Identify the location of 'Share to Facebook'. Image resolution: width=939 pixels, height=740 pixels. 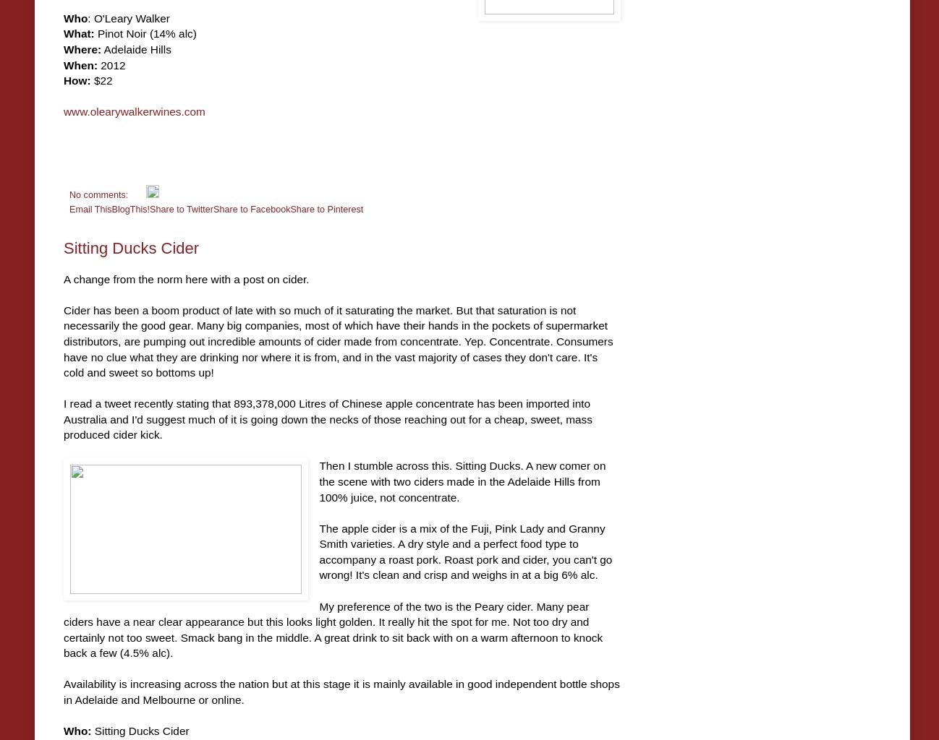
(251, 208).